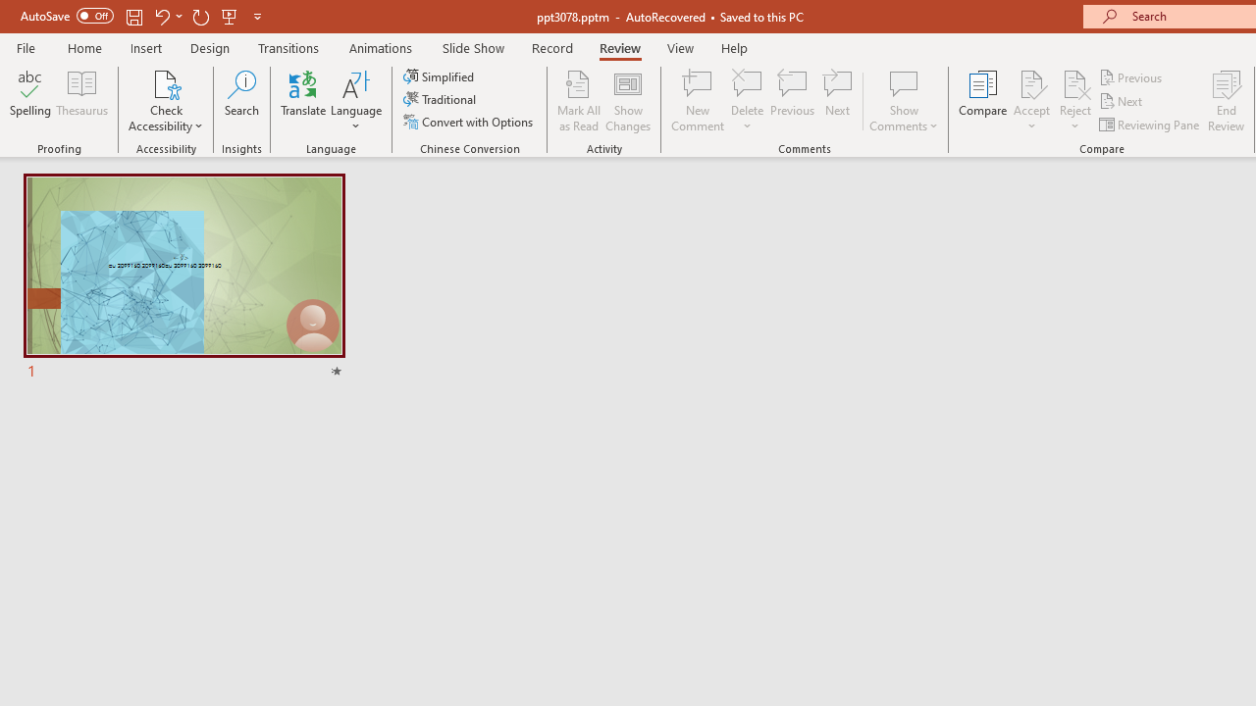 This screenshot has width=1256, height=706. I want to click on 'Show Comments', so click(903, 82).